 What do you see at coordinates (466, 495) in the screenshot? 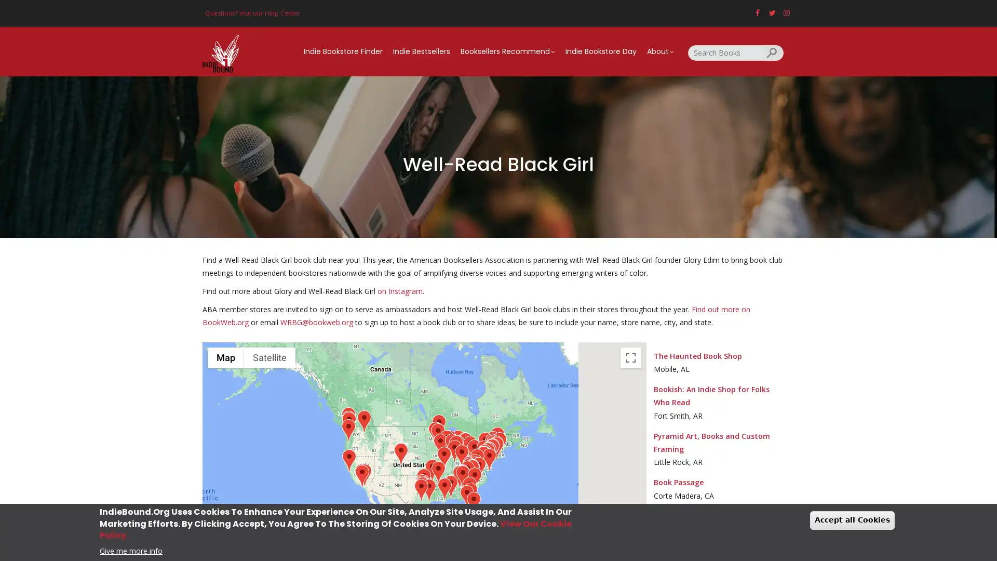
I see `Cultured Books` at bounding box center [466, 495].